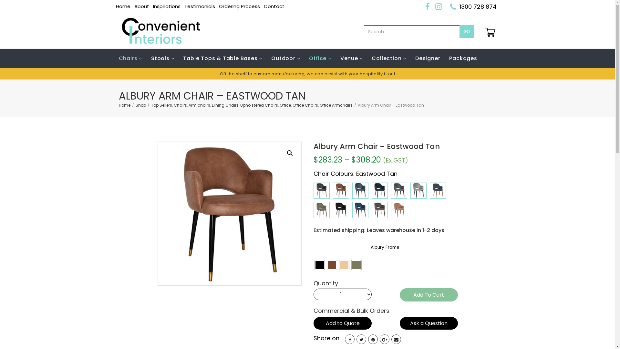  Describe the element at coordinates (463, 58) in the screenshot. I see `'Packages'` at that location.